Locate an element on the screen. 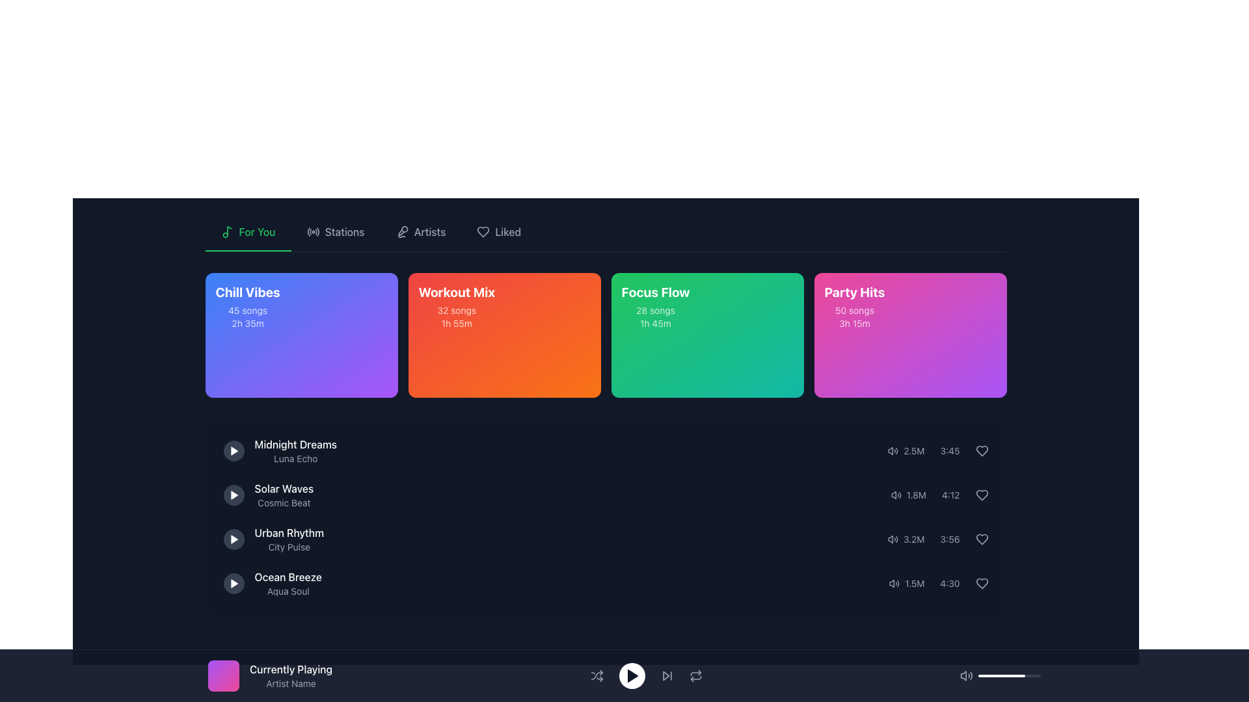 This screenshot has height=702, width=1249. the heart-shaped icon button located in the far-right section of the row for the song 'Urban Rhythm' in the playlist section is located at coordinates (982, 539).